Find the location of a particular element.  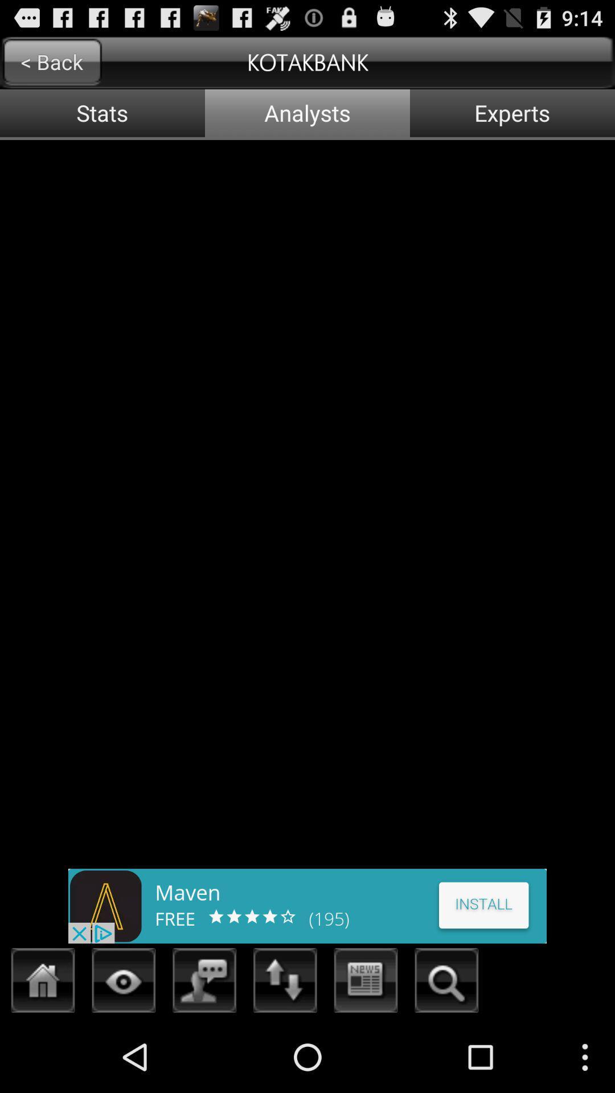

the news symbol is located at coordinates (366, 983).